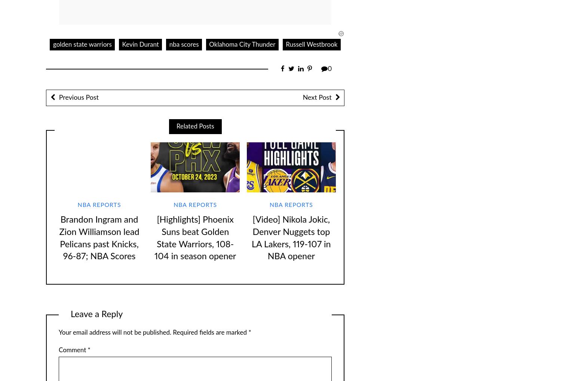 This screenshot has width=561, height=381. I want to click on 'Next Post', so click(316, 97).